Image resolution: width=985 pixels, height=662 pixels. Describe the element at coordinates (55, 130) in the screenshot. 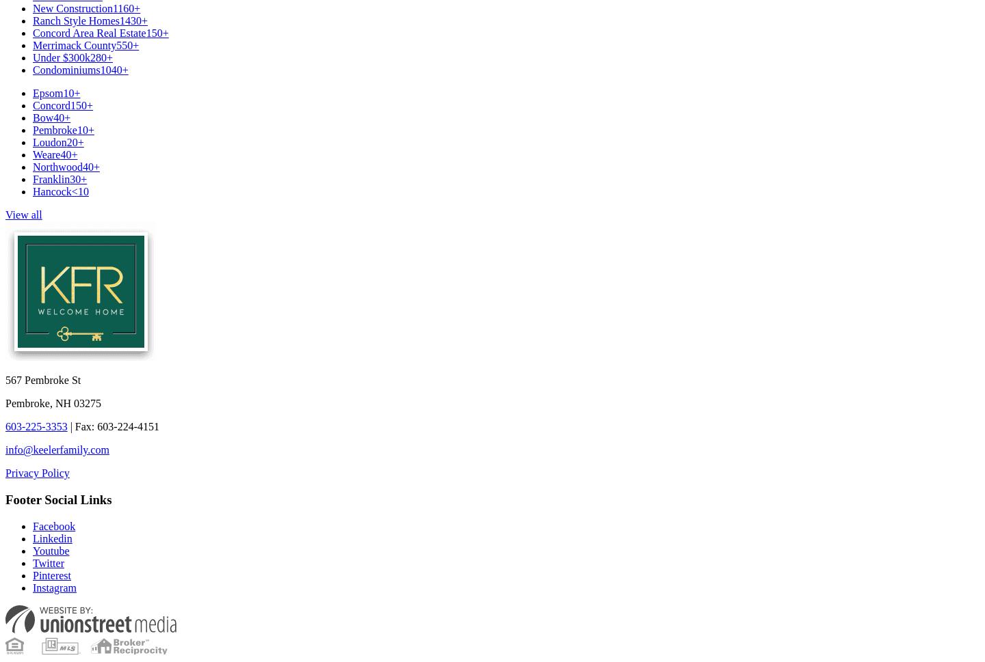

I see `'Pembroke'` at that location.